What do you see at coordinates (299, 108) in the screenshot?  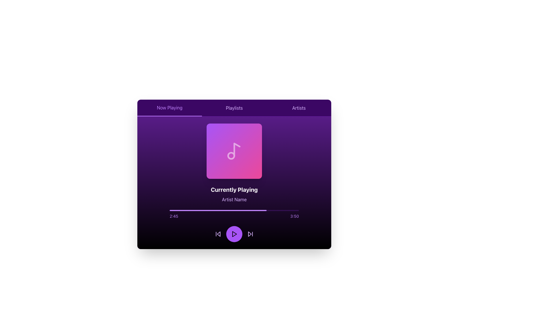 I see `the 'Artists' tab, which is the third and rightmost tab in the navigation bar` at bounding box center [299, 108].